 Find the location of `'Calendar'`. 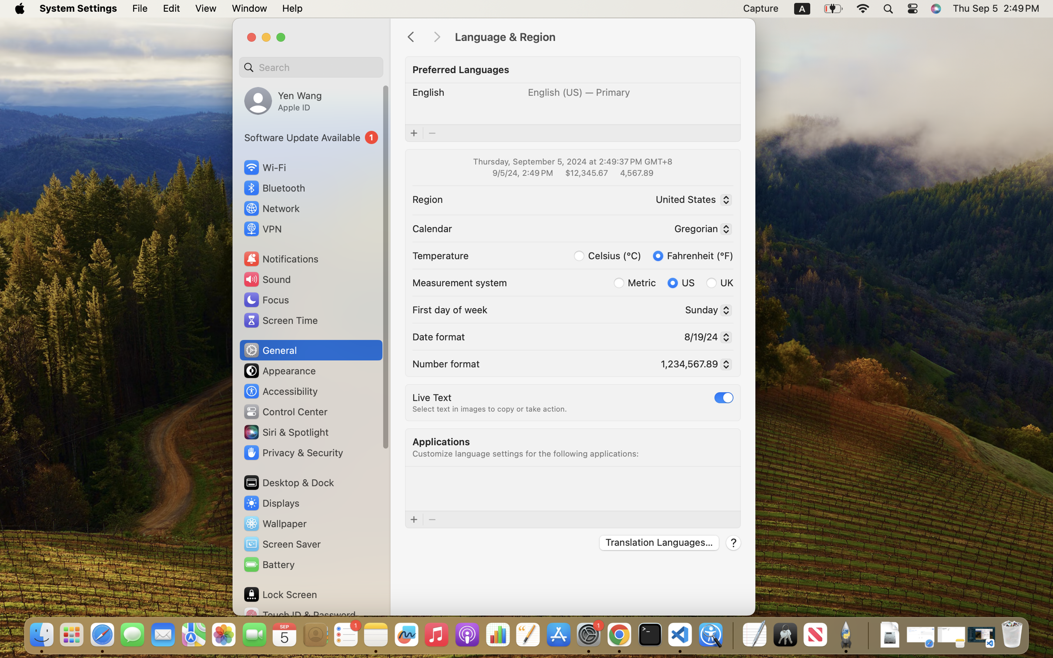

'Calendar' is located at coordinates (432, 227).